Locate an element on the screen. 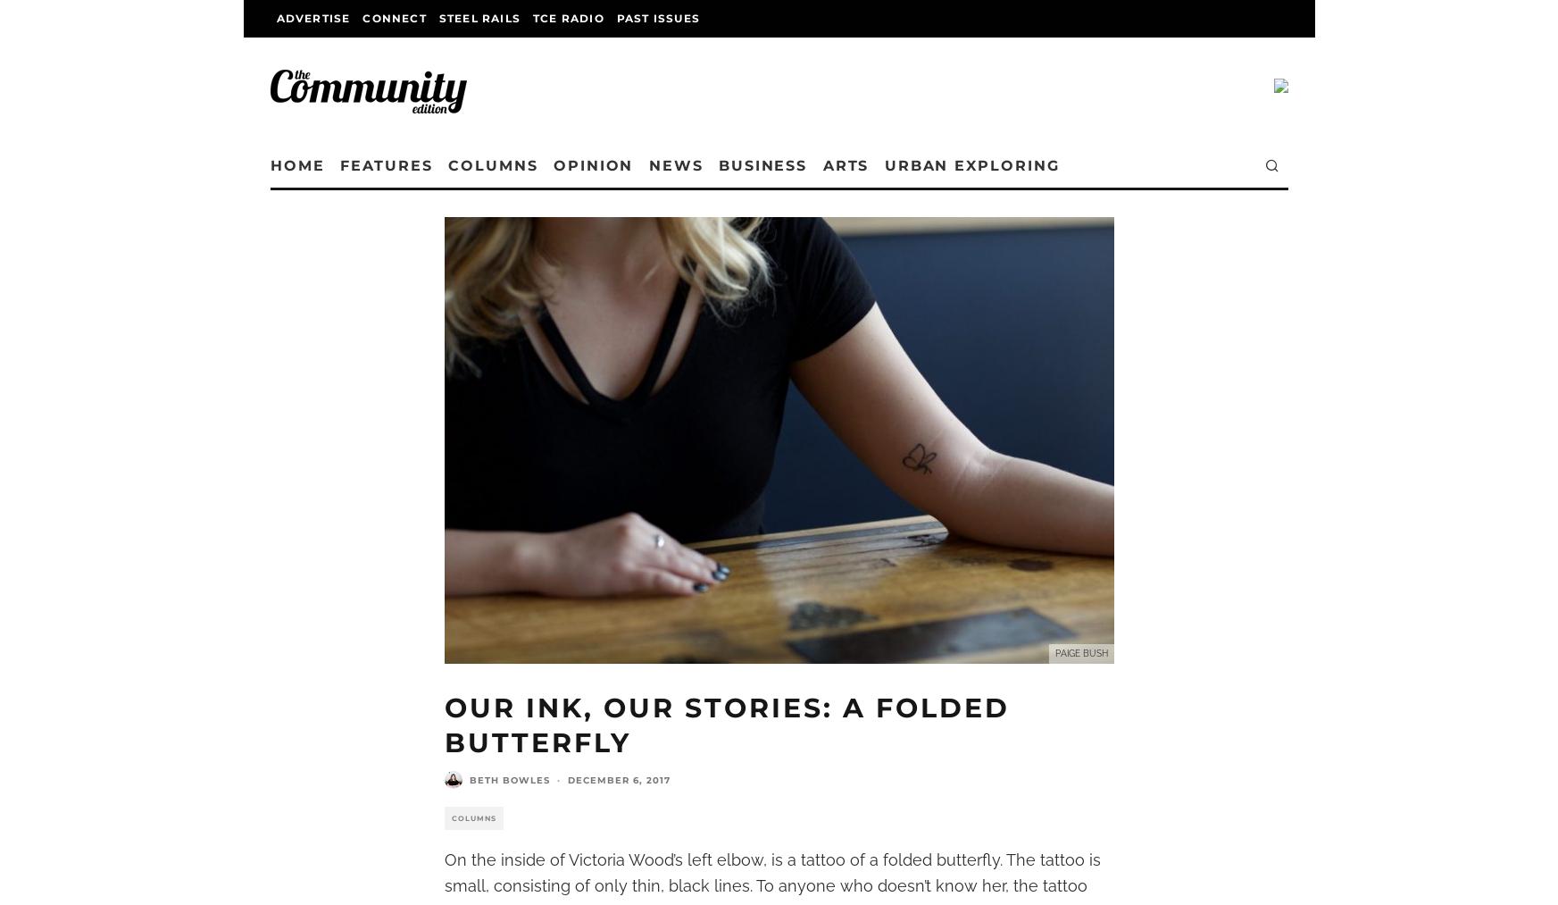  'Opinion' is located at coordinates (651, 165).